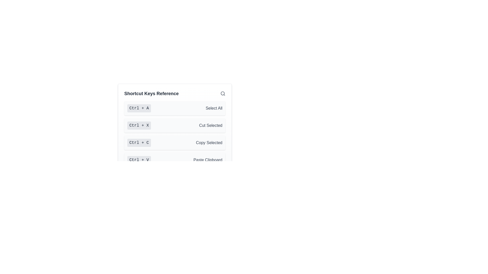 The image size is (488, 274). What do you see at coordinates (223, 93) in the screenshot?
I see `the circular component of the magnifying glass icon located in the top-right corner of the user interface` at bounding box center [223, 93].